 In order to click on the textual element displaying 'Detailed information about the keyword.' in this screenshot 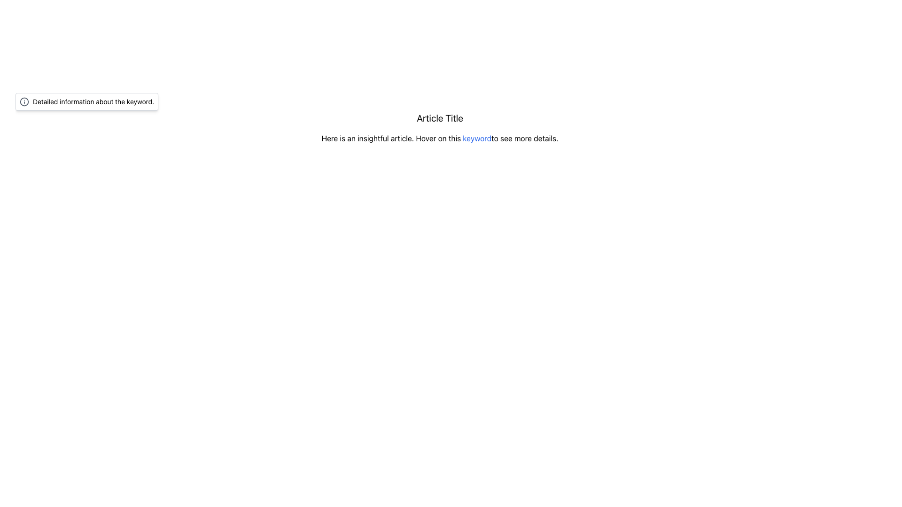, I will do `click(93, 101)`.